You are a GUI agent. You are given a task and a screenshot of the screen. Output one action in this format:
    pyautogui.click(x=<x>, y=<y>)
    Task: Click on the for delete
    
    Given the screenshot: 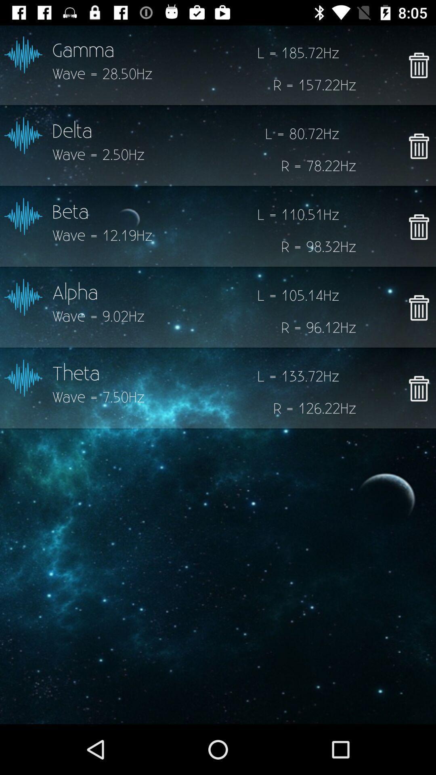 What is the action you would take?
    pyautogui.click(x=418, y=146)
    